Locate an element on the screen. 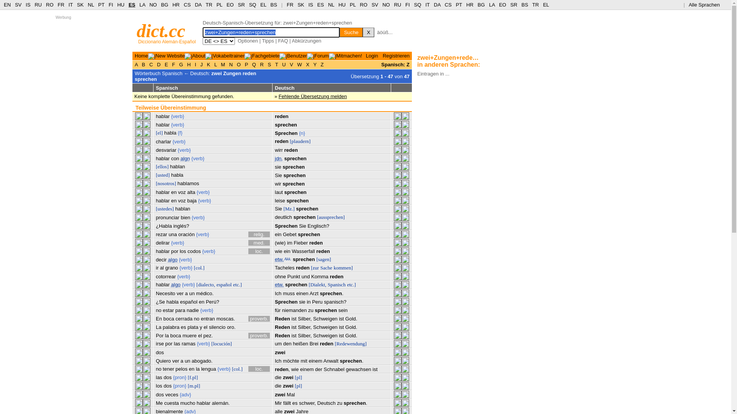 This screenshot has width=737, height=414. '[col.]' is located at coordinates (199, 267).